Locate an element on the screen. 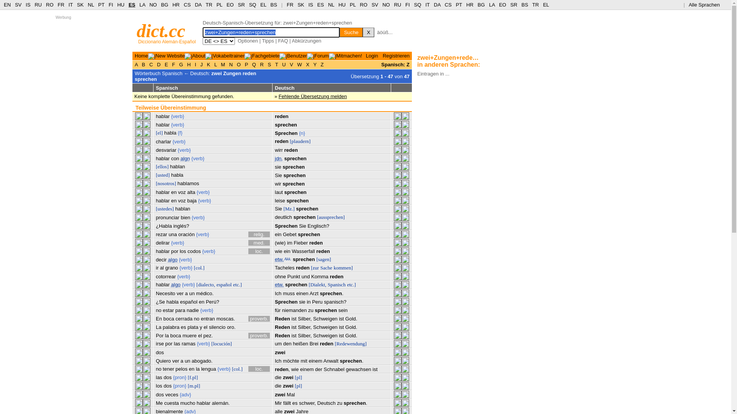 This screenshot has width=737, height=414. '[col.]' is located at coordinates (199, 267).